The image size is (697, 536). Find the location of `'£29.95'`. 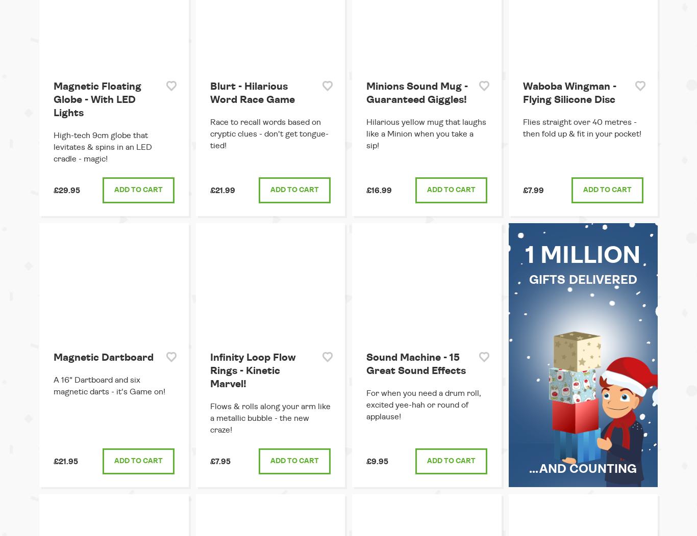

'£29.95' is located at coordinates (54, 190).